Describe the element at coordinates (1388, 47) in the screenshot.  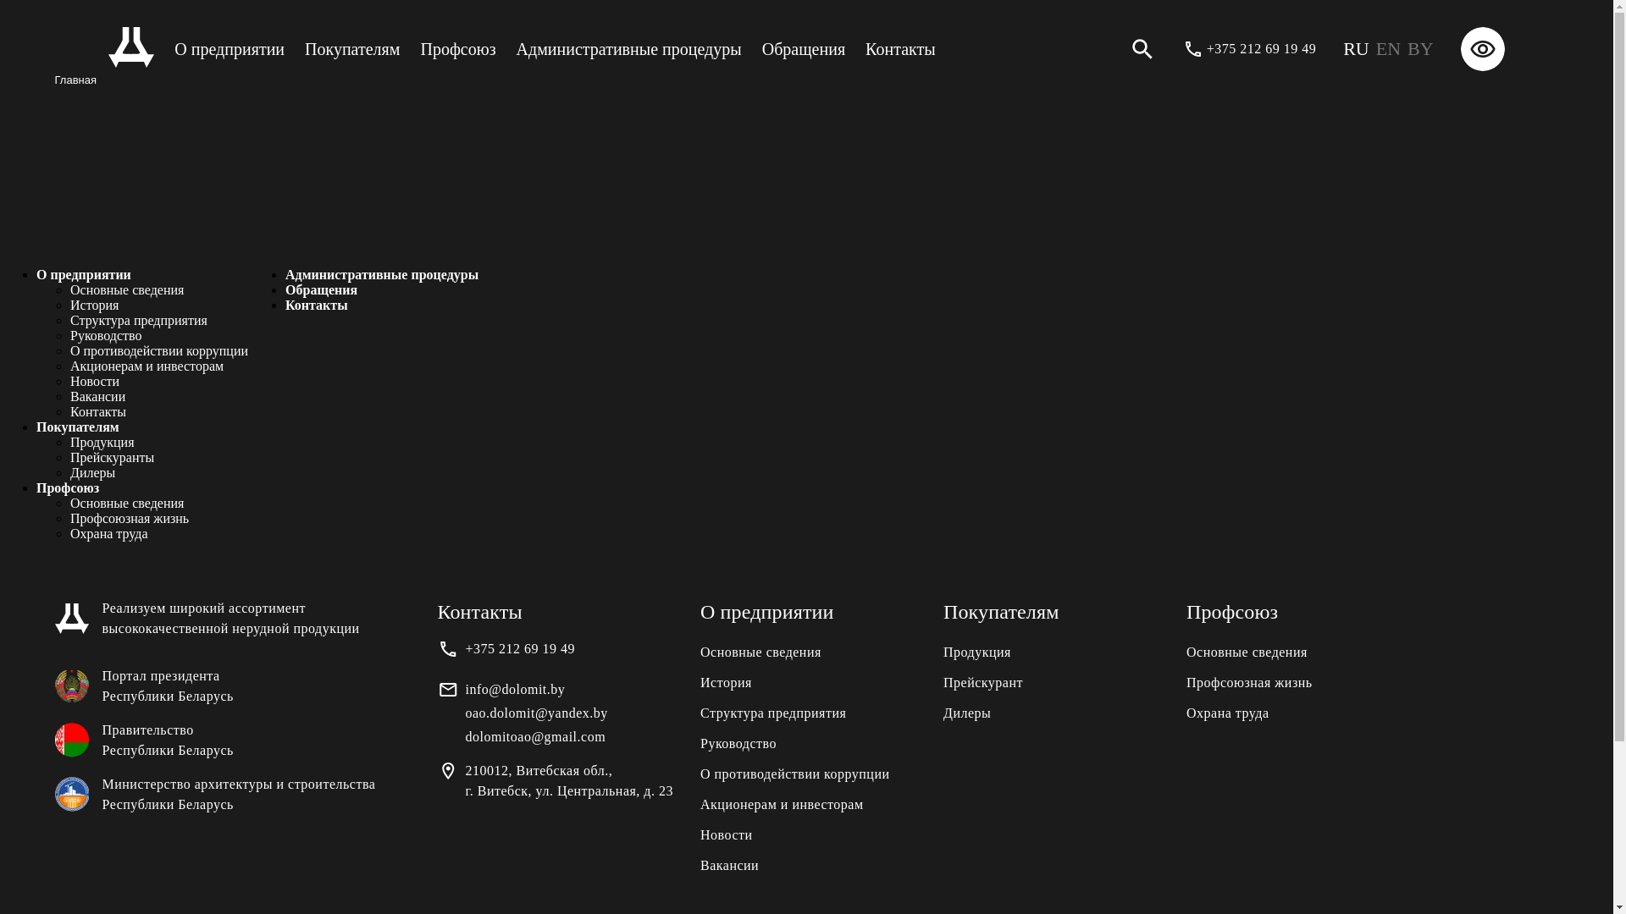
I see `'EN'` at that location.